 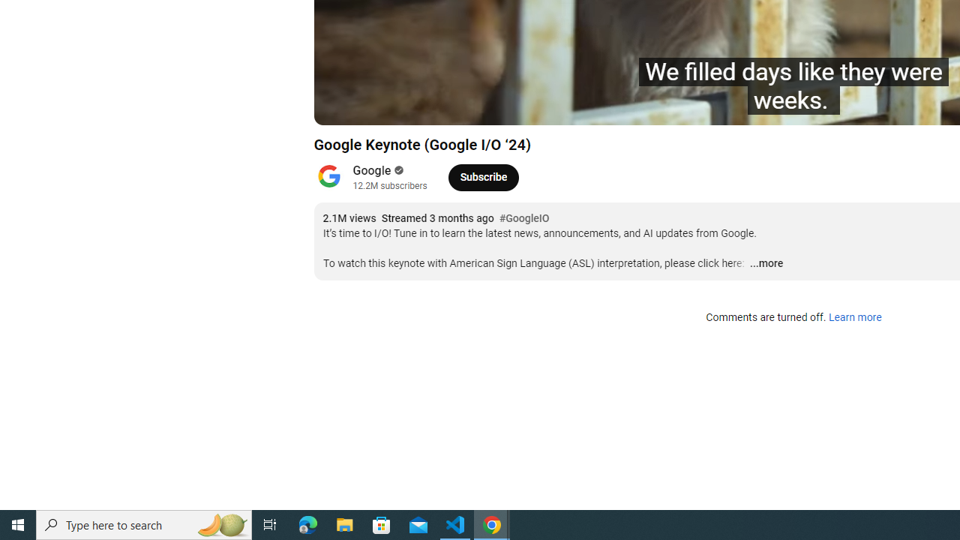 I want to click on 'Learn more', so click(x=854, y=317).